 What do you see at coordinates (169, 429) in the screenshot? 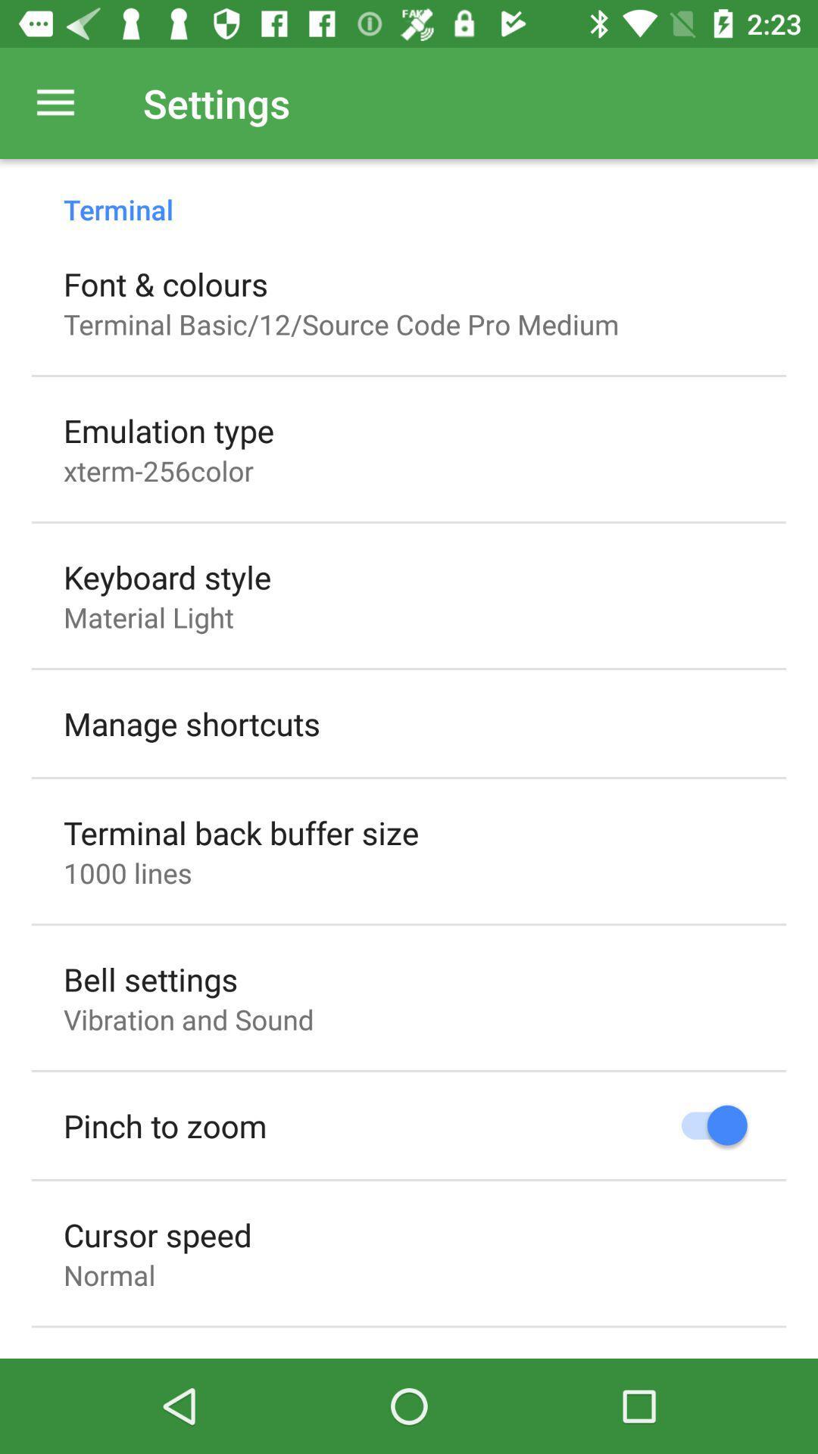
I see `the item below terminal basic 12` at bounding box center [169, 429].